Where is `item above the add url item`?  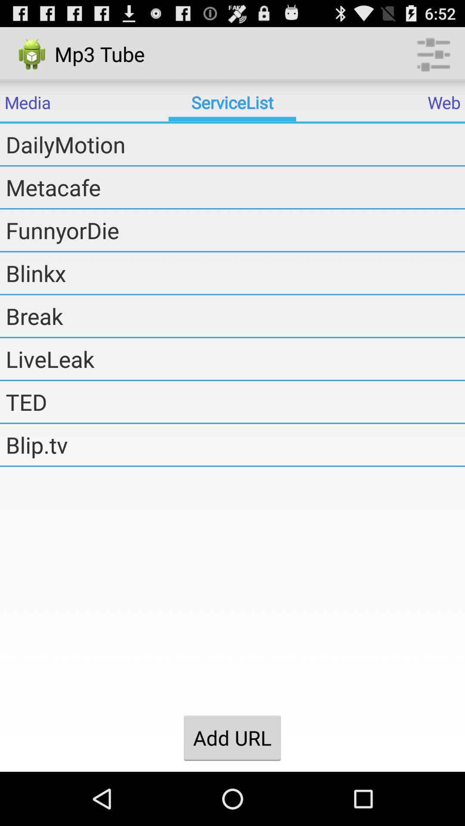
item above the add url item is located at coordinates (235, 444).